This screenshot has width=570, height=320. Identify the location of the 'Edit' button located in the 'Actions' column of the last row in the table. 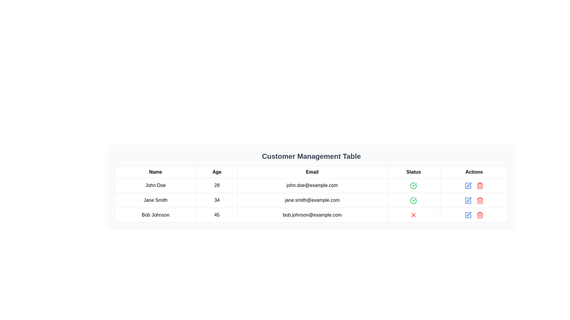
(468, 215).